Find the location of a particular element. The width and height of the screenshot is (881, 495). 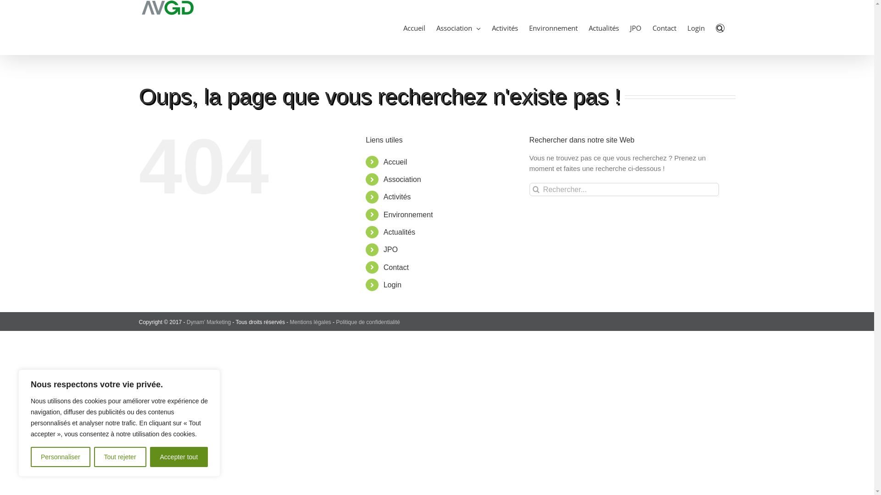

'Tout rejeter' is located at coordinates (120, 456).